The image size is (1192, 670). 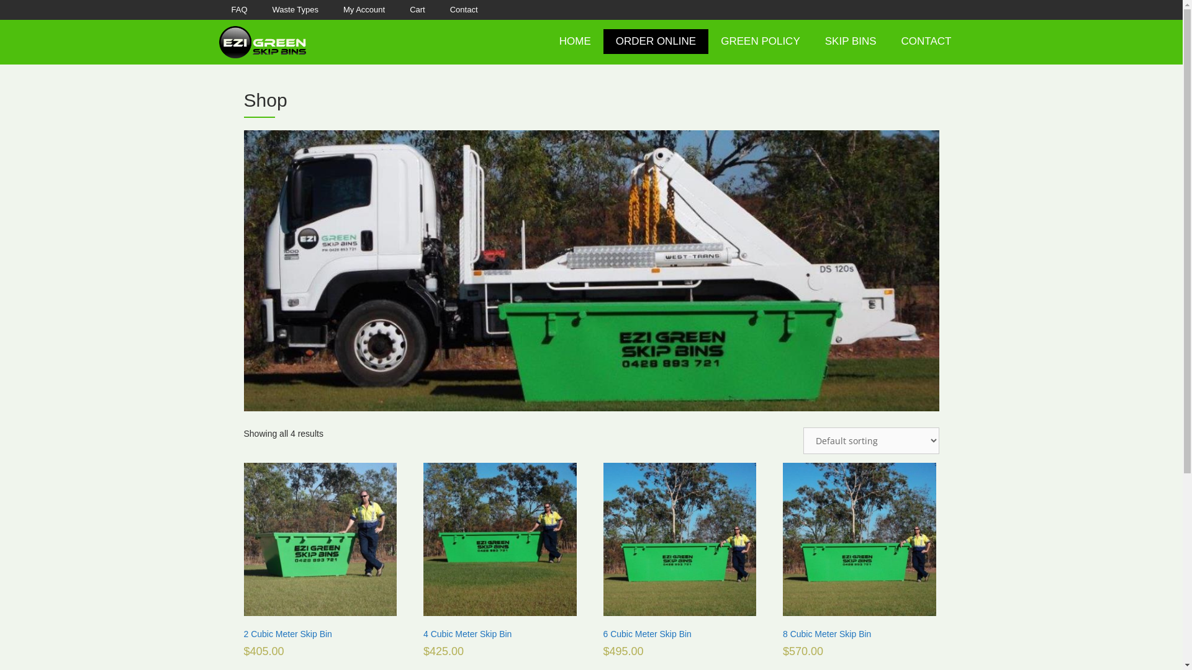 What do you see at coordinates (294, 9) in the screenshot?
I see `'Waste Types'` at bounding box center [294, 9].